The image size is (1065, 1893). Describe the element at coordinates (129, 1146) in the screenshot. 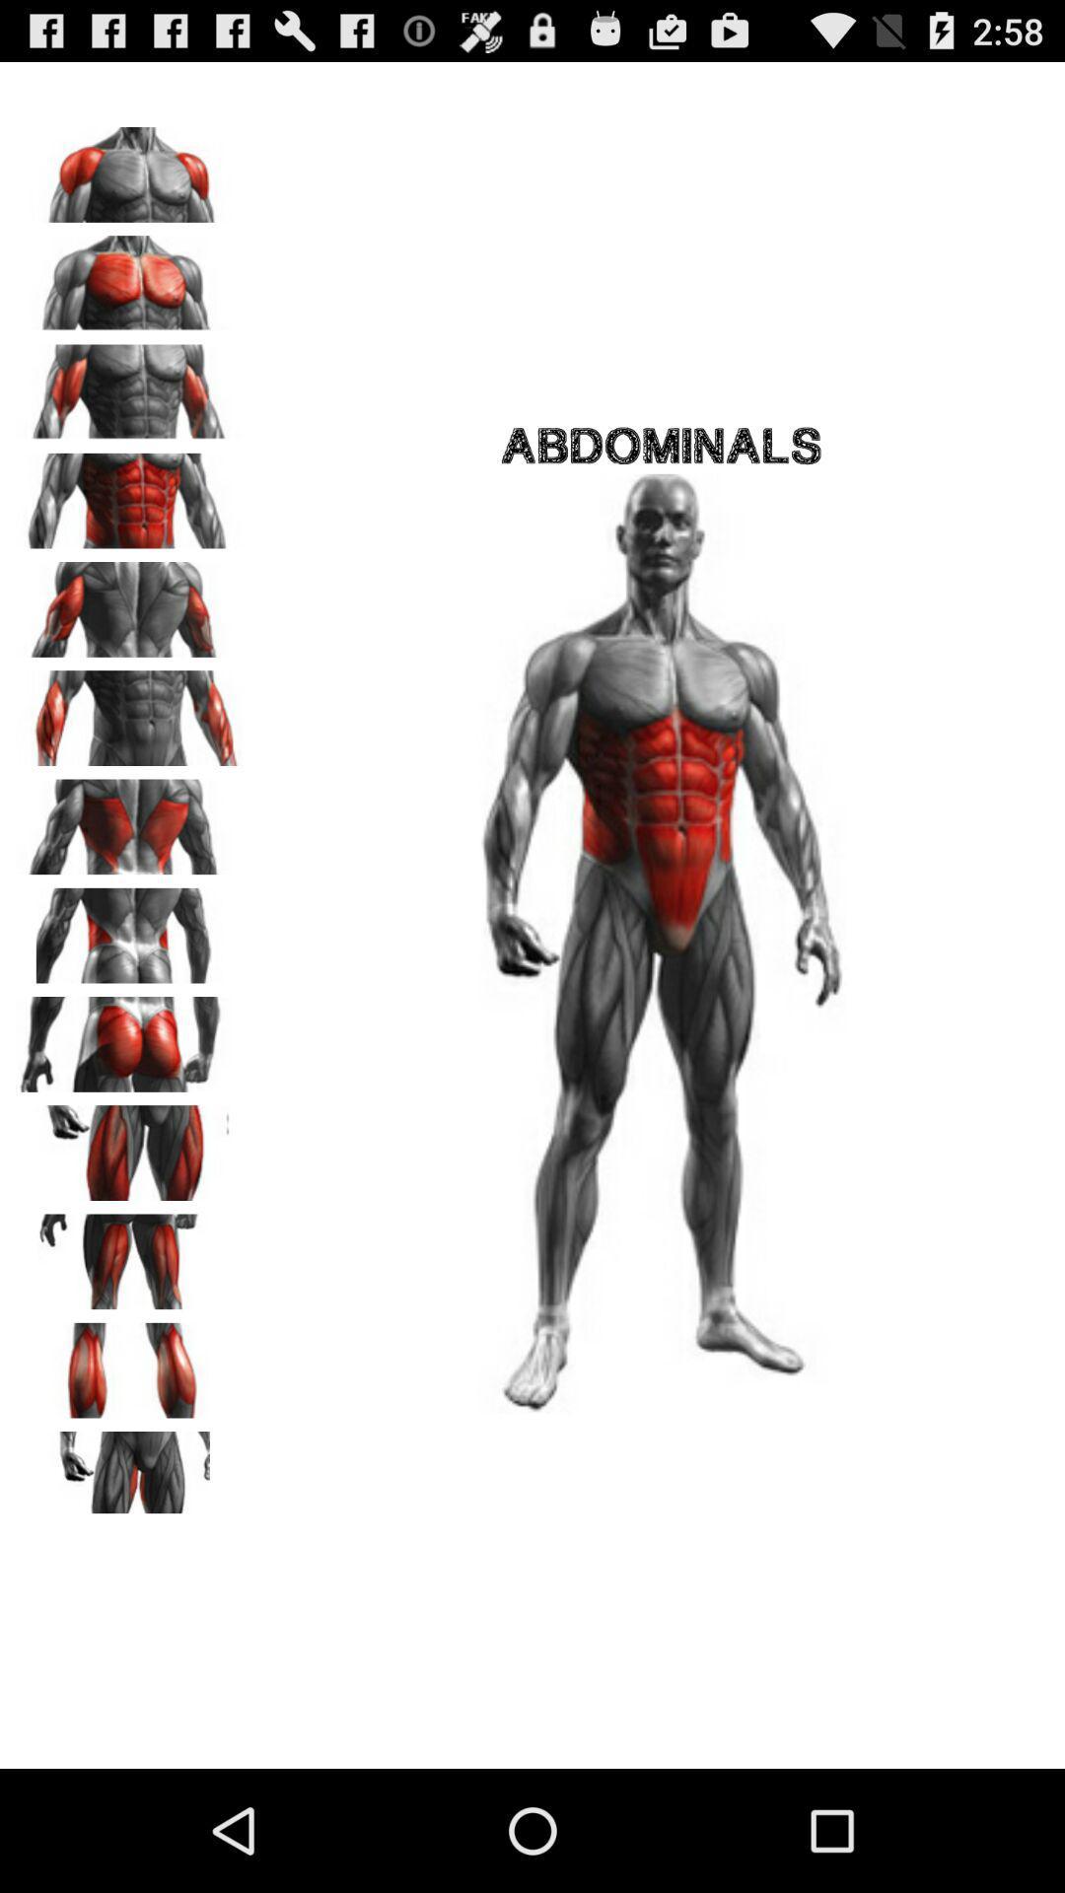

I see `thigh muscle` at that location.